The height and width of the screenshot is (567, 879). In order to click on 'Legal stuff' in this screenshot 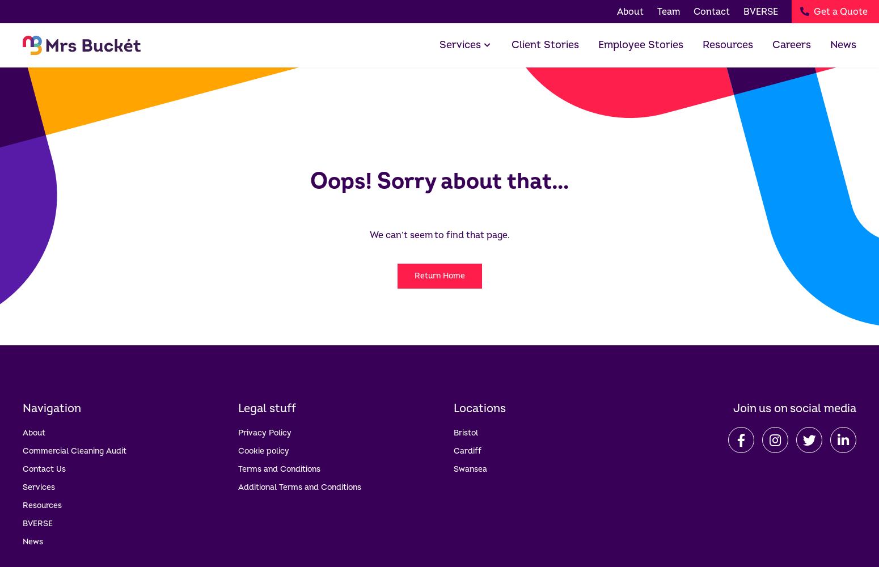, I will do `click(267, 408)`.